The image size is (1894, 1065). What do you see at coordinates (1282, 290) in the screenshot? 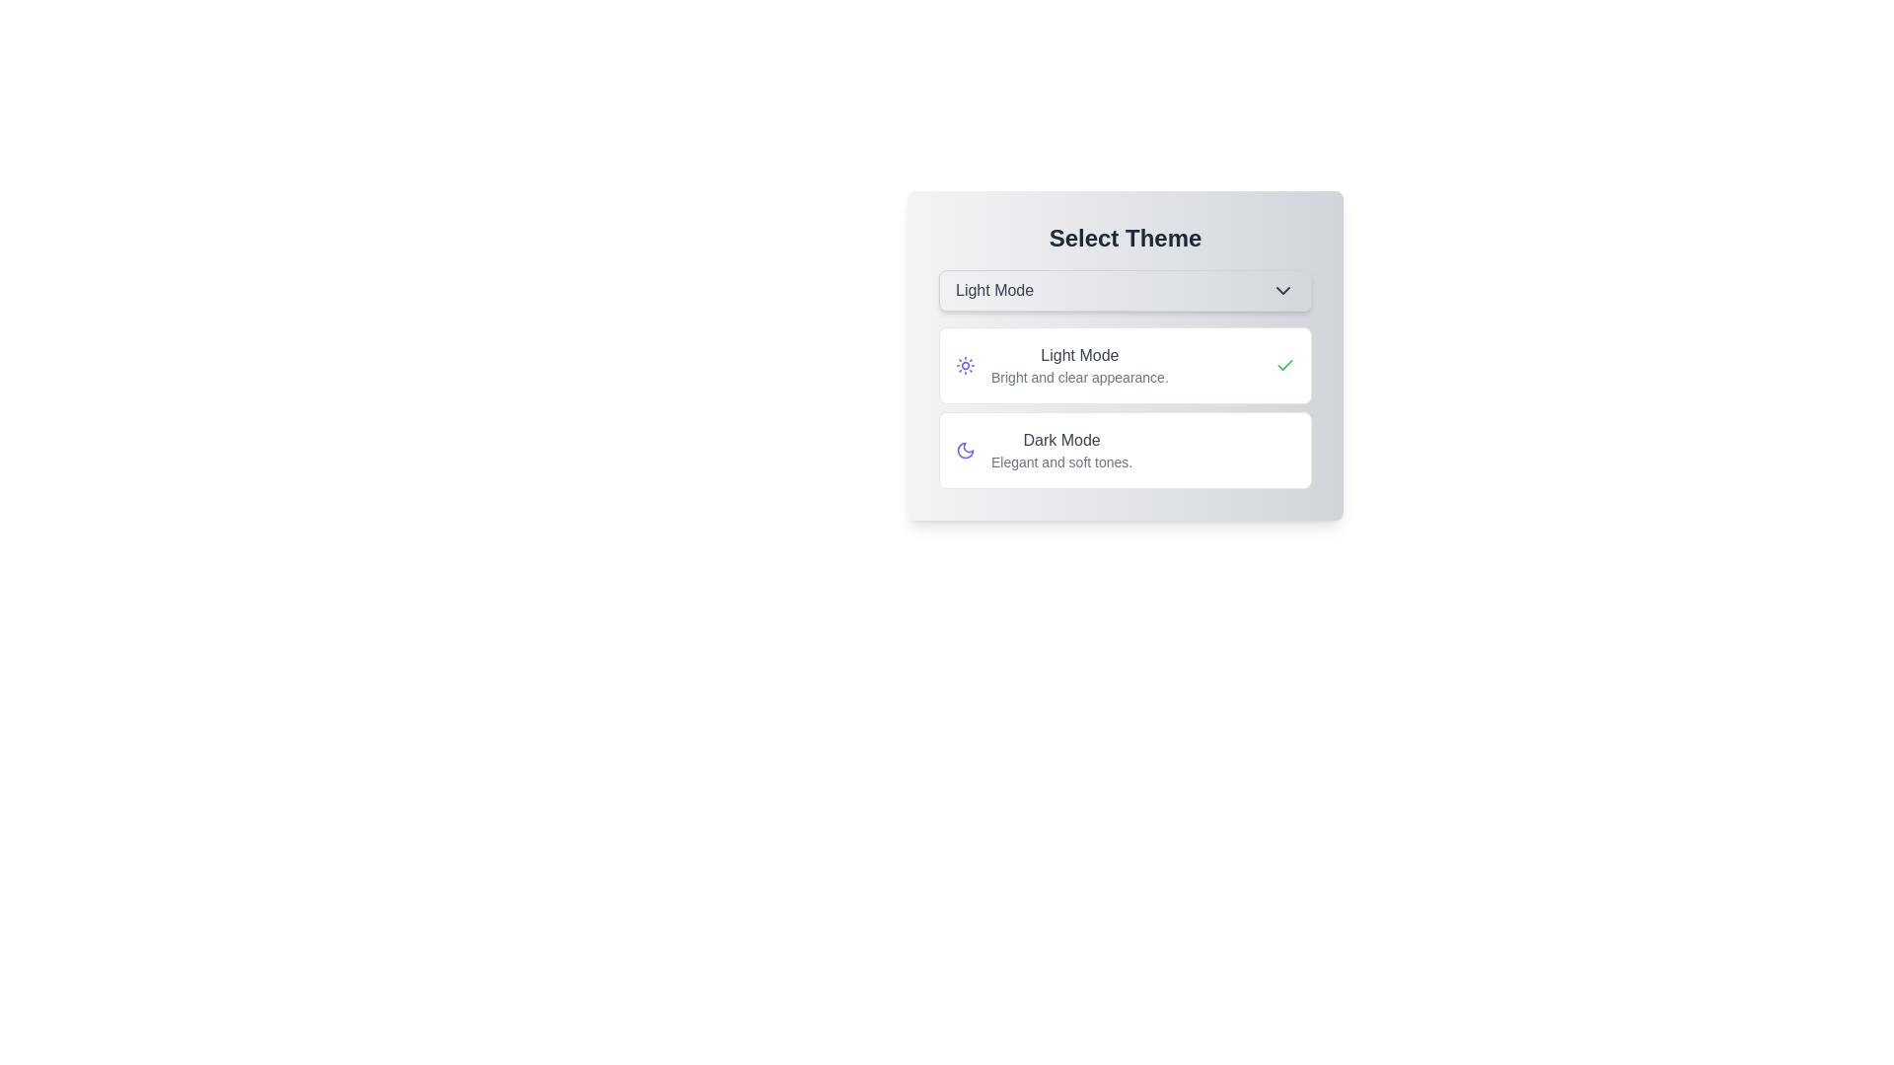
I see `the dropdown toggle button to close the menu` at bounding box center [1282, 290].